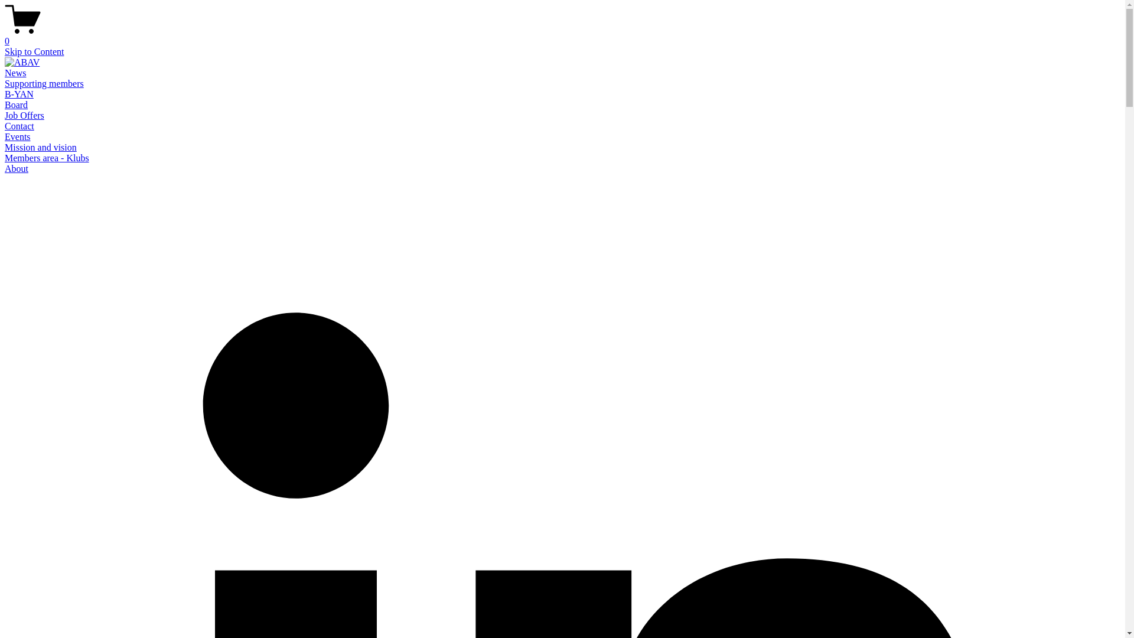 The height and width of the screenshot is (638, 1134). What do you see at coordinates (5, 93) in the screenshot?
I see `'B-YAN'` at bounding box center [5, 93].